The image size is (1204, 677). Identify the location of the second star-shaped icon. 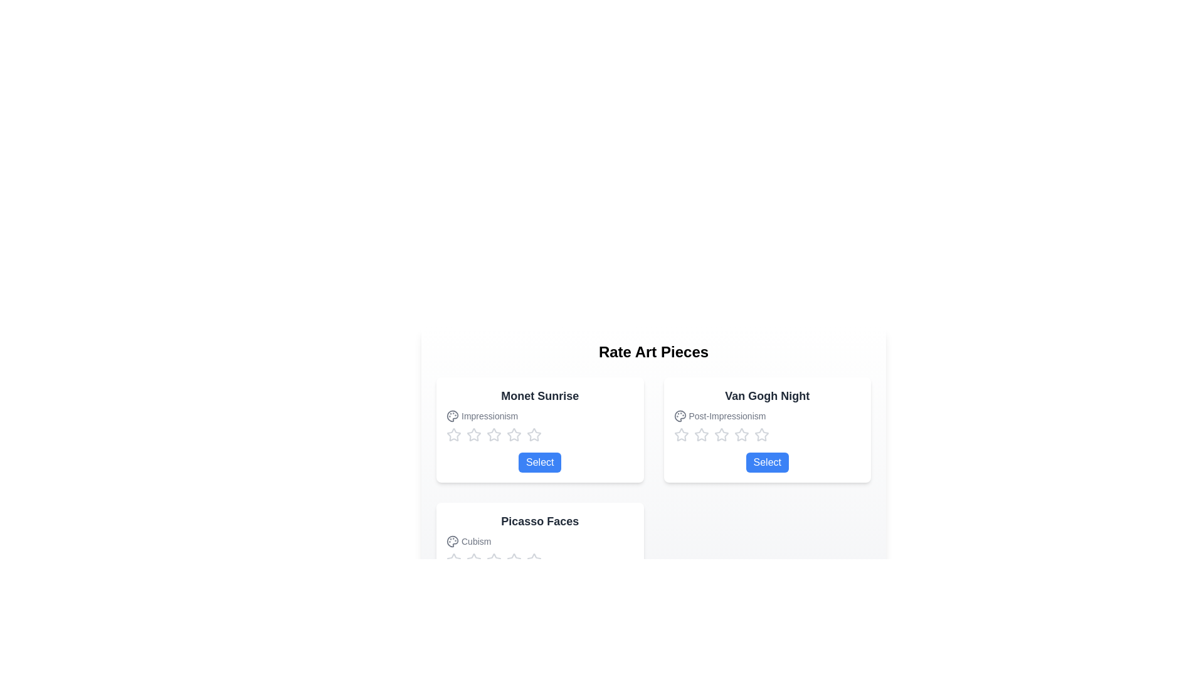
(514, 434).